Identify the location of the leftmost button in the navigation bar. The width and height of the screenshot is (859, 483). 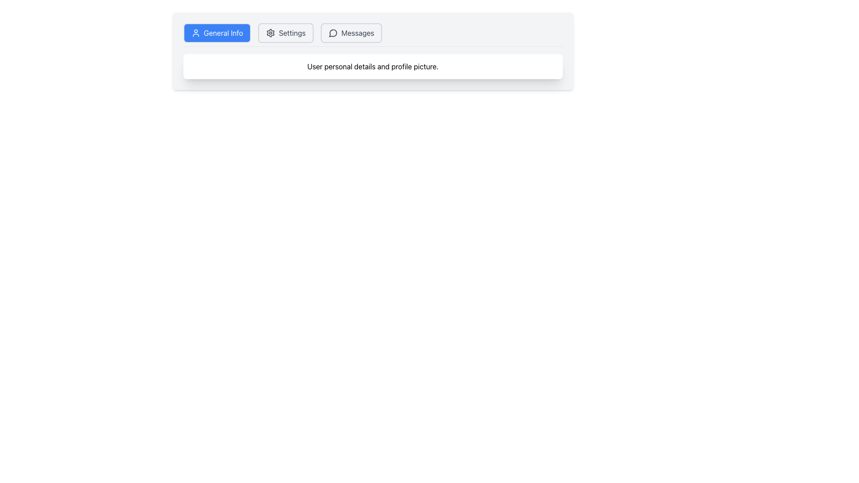
(217, 32).